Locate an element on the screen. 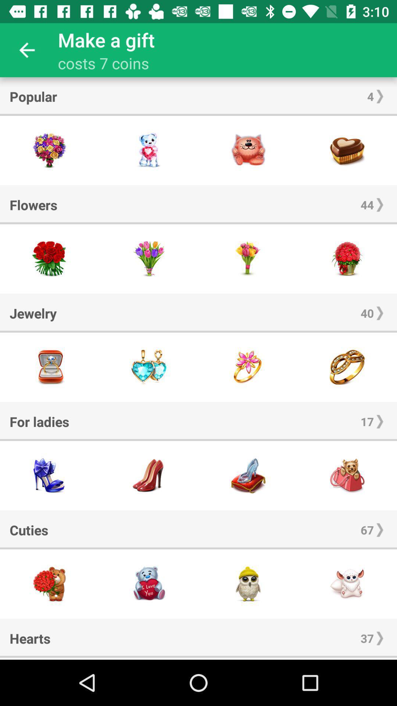  the icon next to make a gift app is located at coordinates (26, 50).